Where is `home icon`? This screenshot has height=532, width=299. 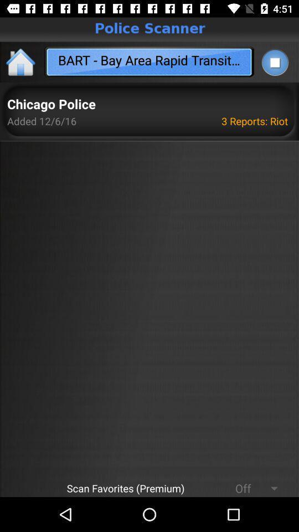 home icon is located at coordinates (21, 62).